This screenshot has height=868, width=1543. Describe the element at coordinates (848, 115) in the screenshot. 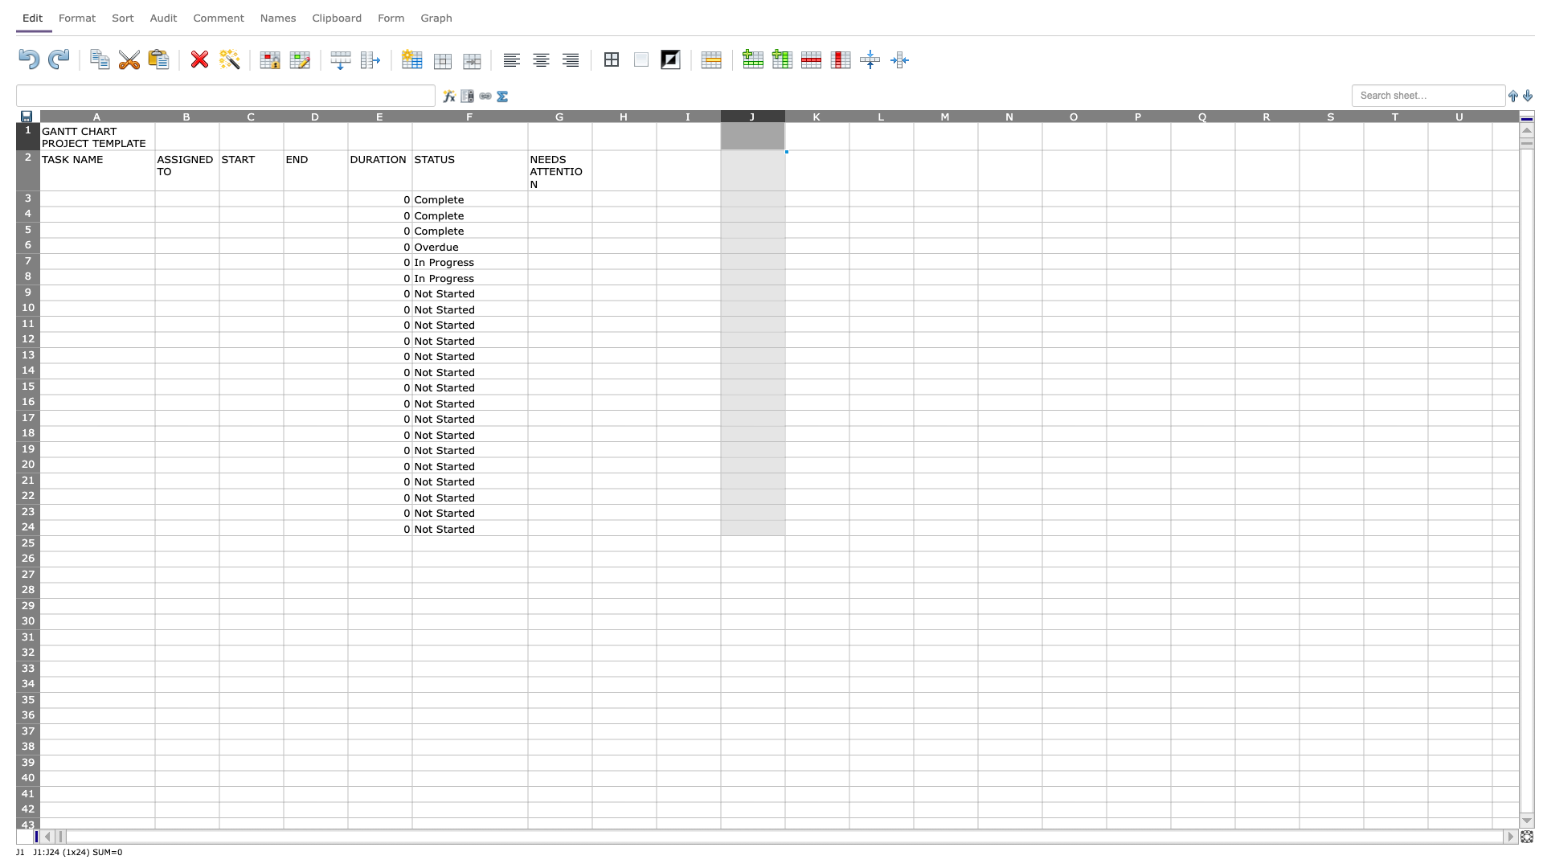

I see `column K's width resize handle` at that location.